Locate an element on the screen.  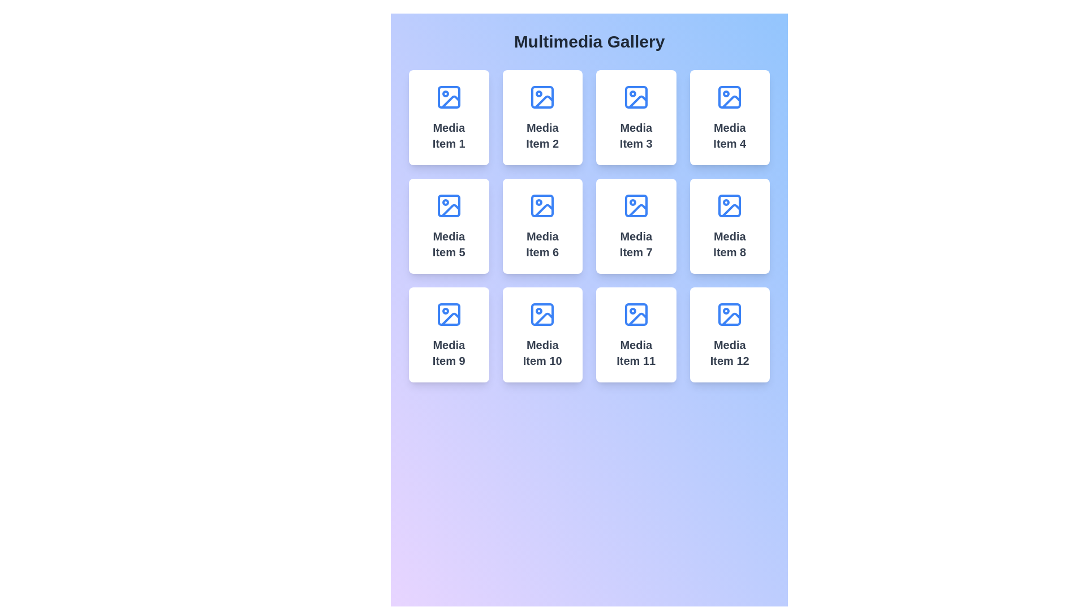
the Card component representing the tenth media item in the gallery, located in the fourth row and second column of the grid layout is located at coordinates (542, 334).